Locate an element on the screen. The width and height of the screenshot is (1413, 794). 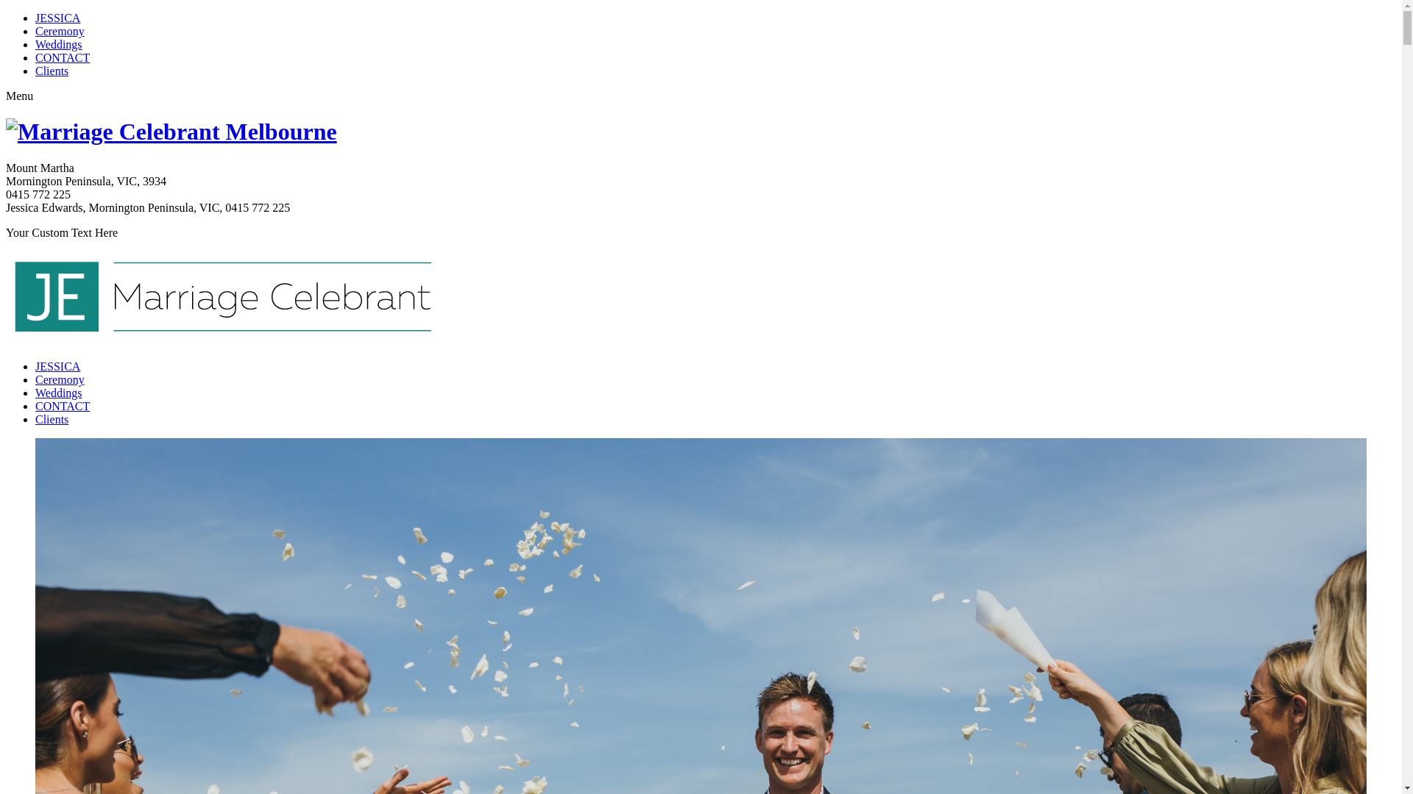
'Menu' is located at coordinates (6, 96).